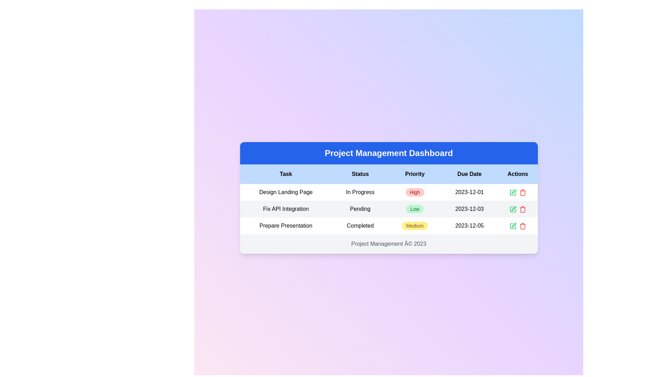  What do you see at coordinates (522, 192) in the screenshot?
I see `the delete button icon located to the right of the green edit icon on the row for 'Design Landing Page'` at bounding box center [522, 192].